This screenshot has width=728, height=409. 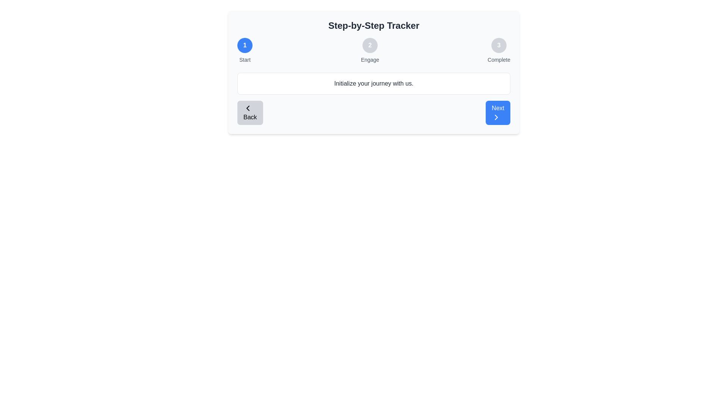 What do you see at coordinates (245, 51) in the screenshot?
I see `the leftmost step in the Step-by-Step Tracker, which is a blue badge with the numeral '1' and the label 'Start' below it` at bounding box center [245, 51].